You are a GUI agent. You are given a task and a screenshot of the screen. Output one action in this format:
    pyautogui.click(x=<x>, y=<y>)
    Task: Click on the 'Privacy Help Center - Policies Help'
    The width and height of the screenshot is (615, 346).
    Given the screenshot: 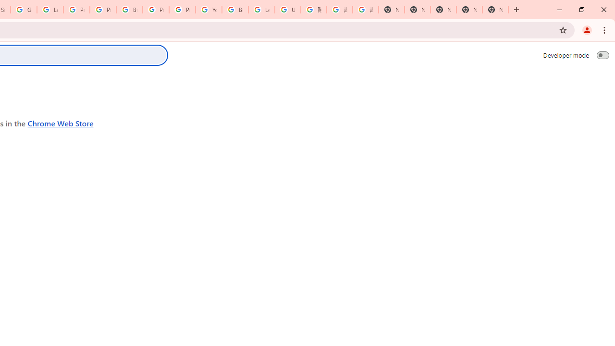 What is the action you would take?
    pyautogui.click(x=76, y=10)
    